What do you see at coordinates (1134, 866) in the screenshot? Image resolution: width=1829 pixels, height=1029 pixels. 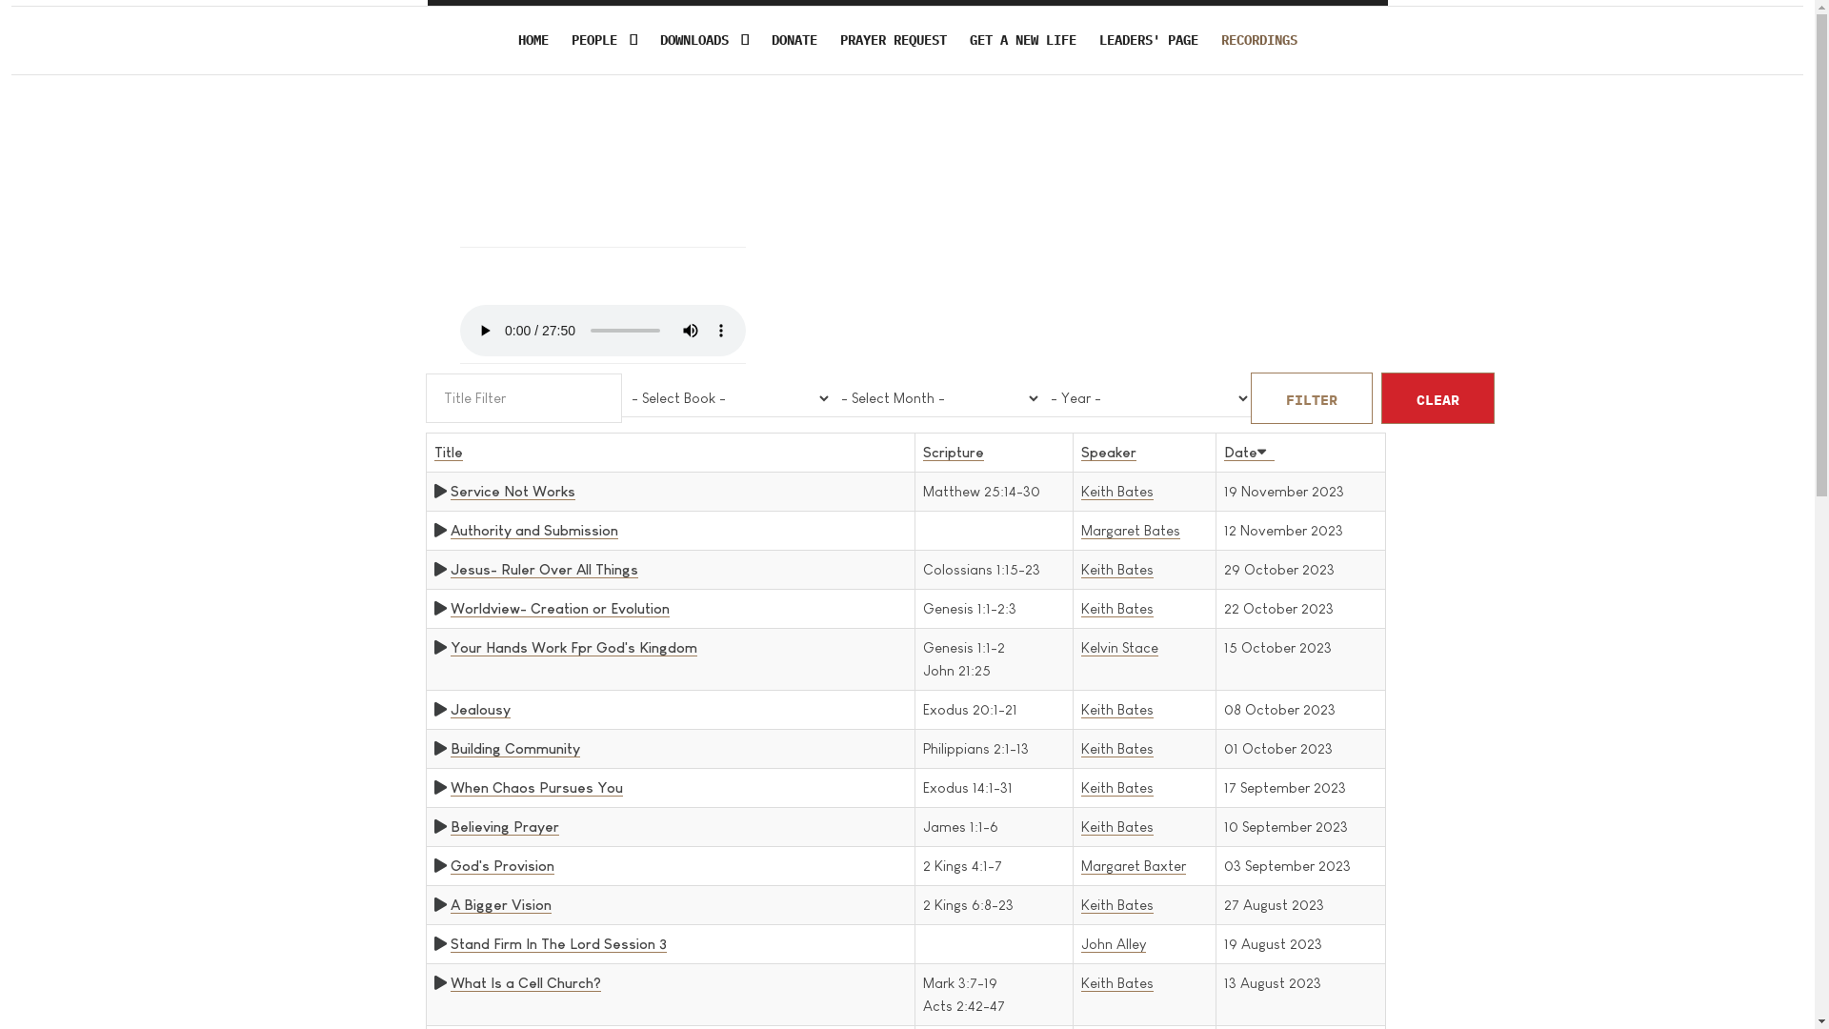 I see `'Margaret Baxter'` at bounding box center [1134, 866].